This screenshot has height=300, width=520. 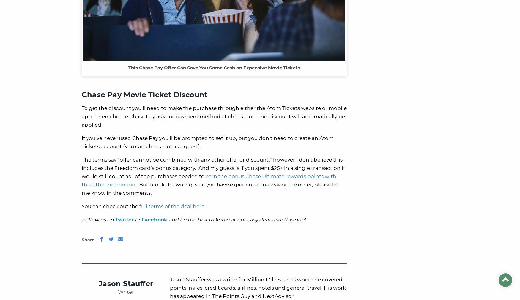 I want to click on 'Share', so click(x=88, y=239).